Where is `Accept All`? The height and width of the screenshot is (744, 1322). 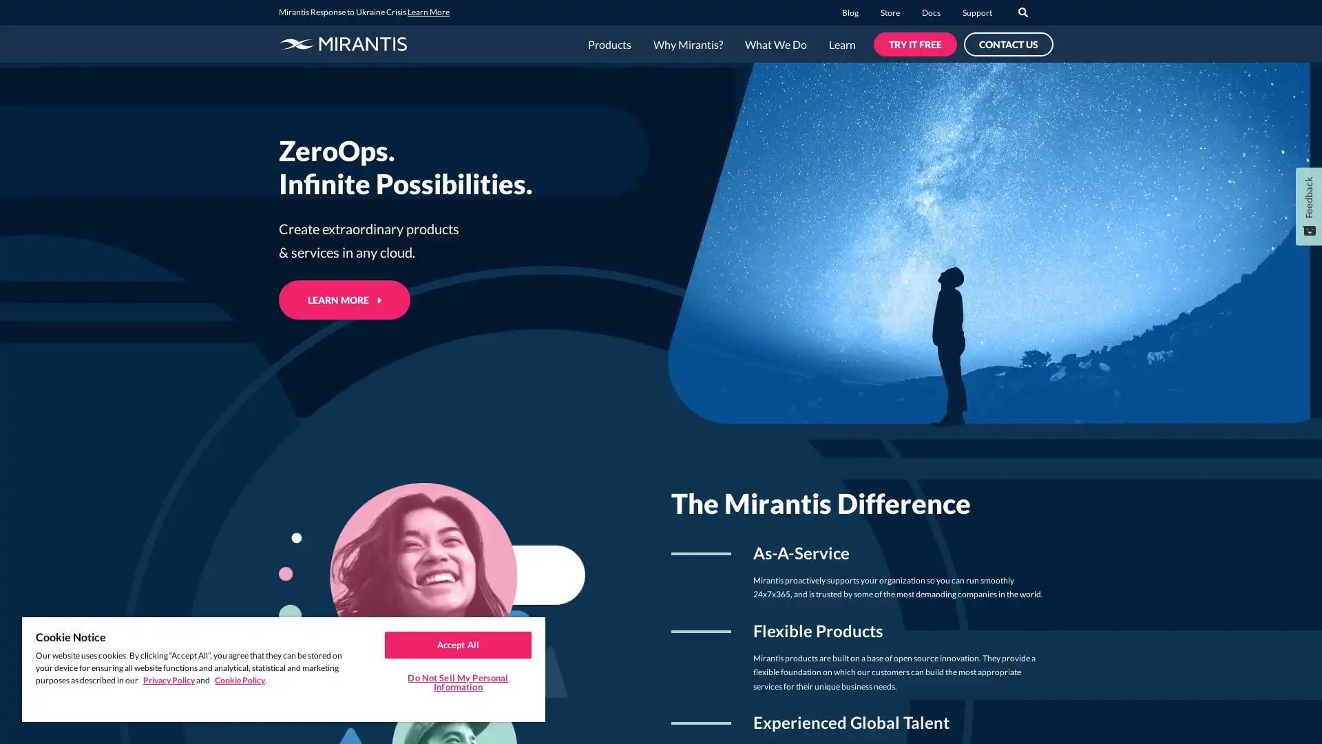
Accept All is located at coordinates (457, 644).